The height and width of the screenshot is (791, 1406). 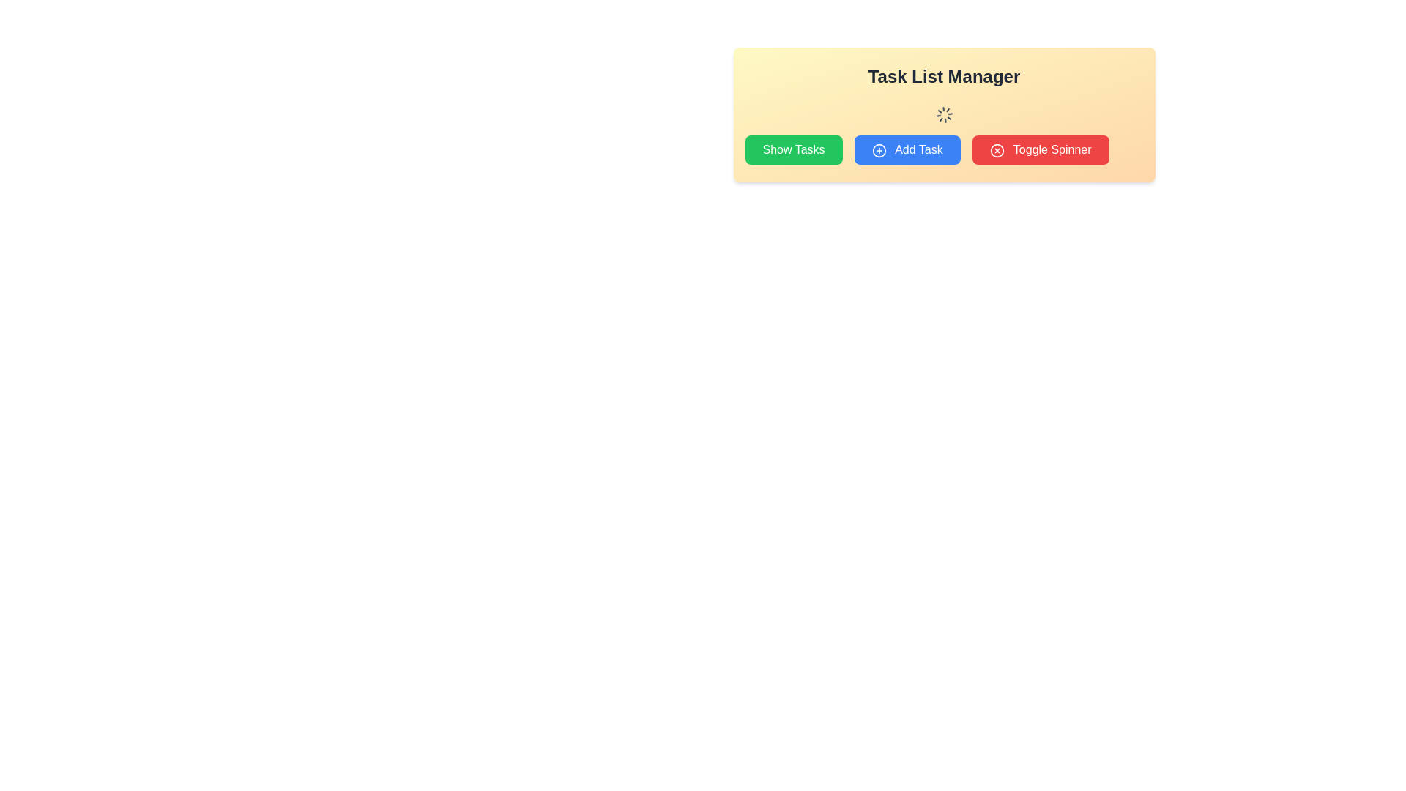 What do you see at coordinates (793, 149) in the screenshot?
I see `the 'Show Tasks' button, which is a rectangular button with a green background and white text, to trigger its hover effect that changes its appearance to a darker green` at bounding box center [793, 149].